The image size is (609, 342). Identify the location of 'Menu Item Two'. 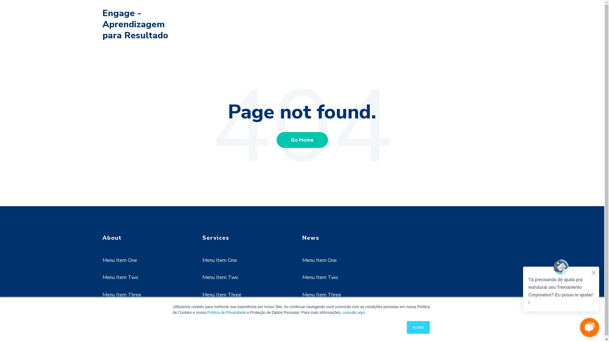
(320, 277).